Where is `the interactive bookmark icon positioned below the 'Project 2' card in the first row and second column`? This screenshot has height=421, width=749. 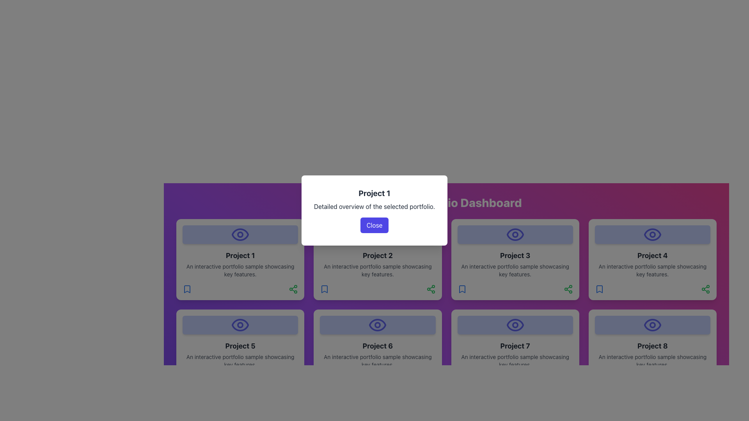
the interactive bookmark icon positioned below the 'Project 2' card in the first row and second column is located at coordinates (325, 289).